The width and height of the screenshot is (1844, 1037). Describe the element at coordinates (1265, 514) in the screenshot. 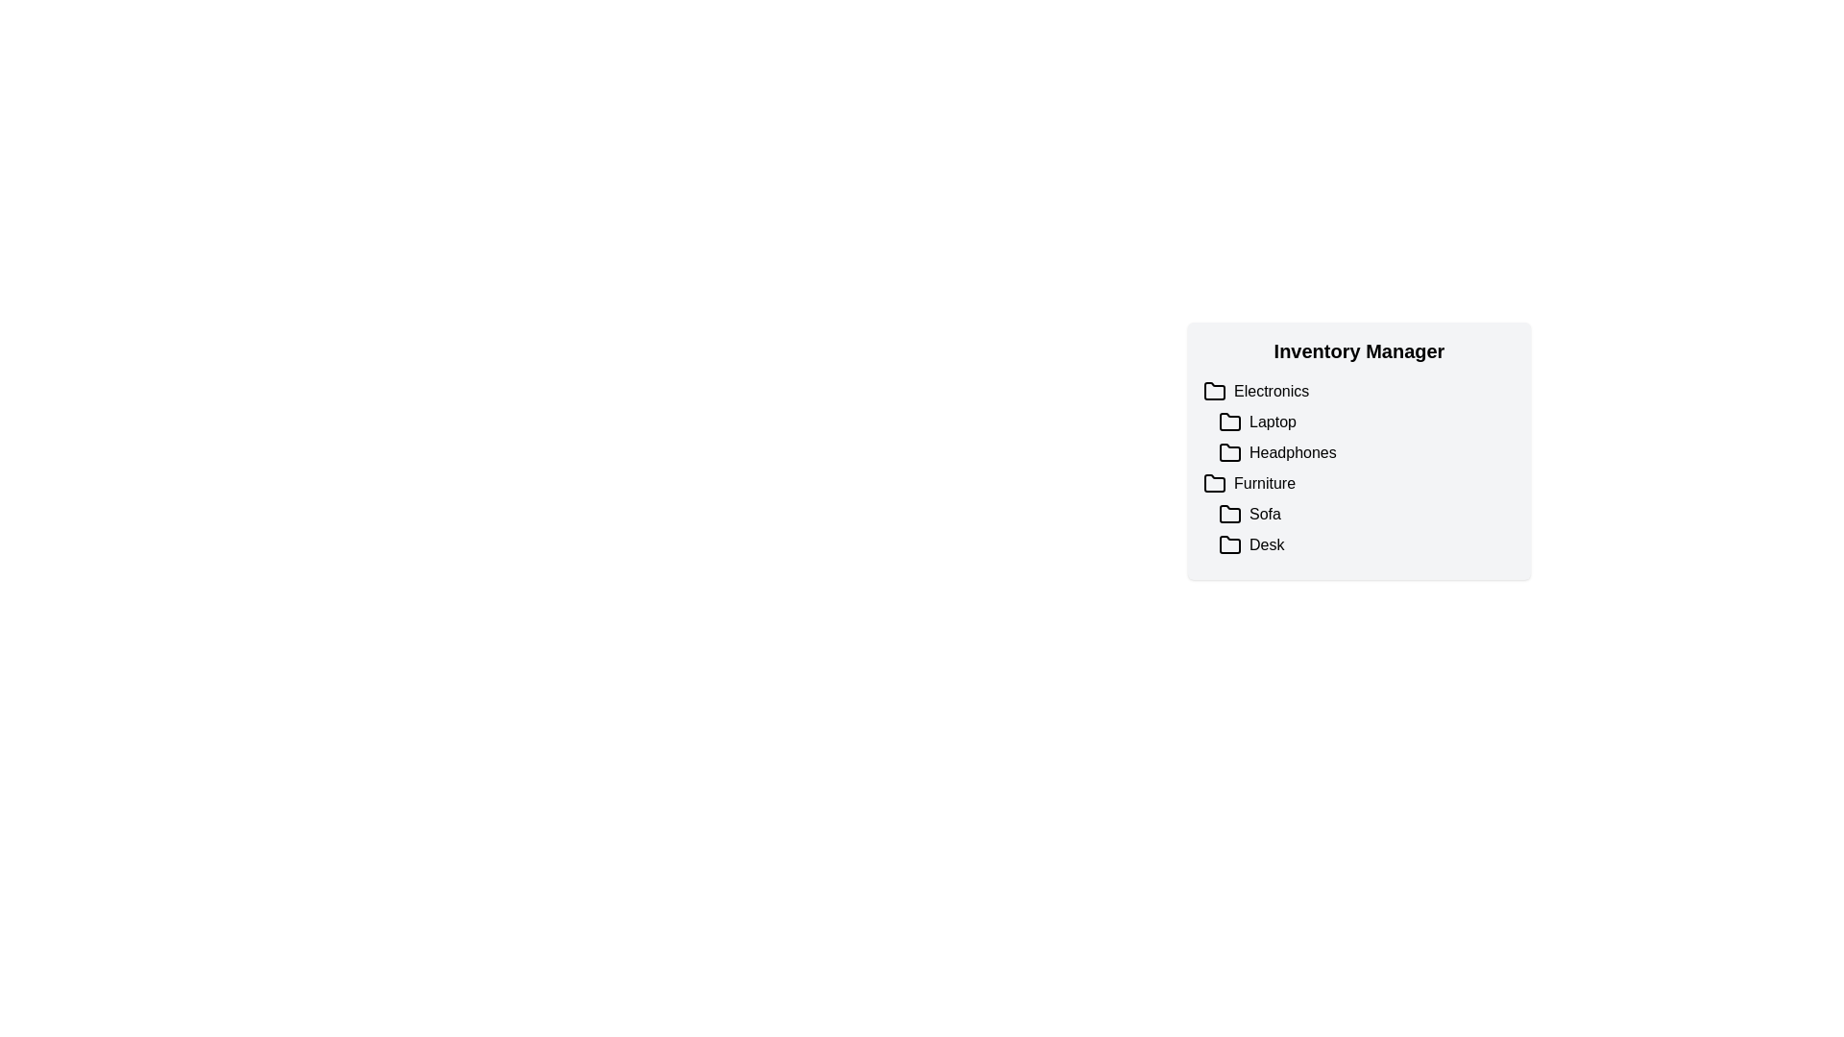

I see `the text label for 'Sofa' which is positioned under the 'Furniture' category in the list` at that location.